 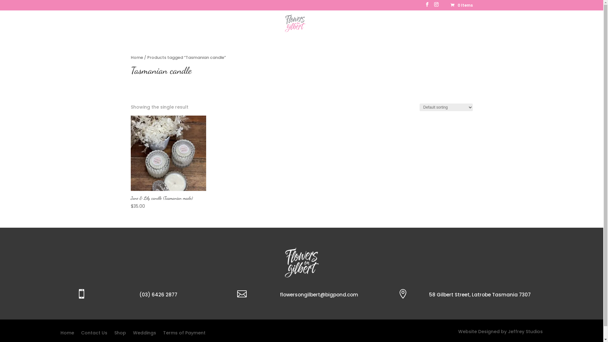 I want to click on 'Contact Us', so click(x=94, y=334).